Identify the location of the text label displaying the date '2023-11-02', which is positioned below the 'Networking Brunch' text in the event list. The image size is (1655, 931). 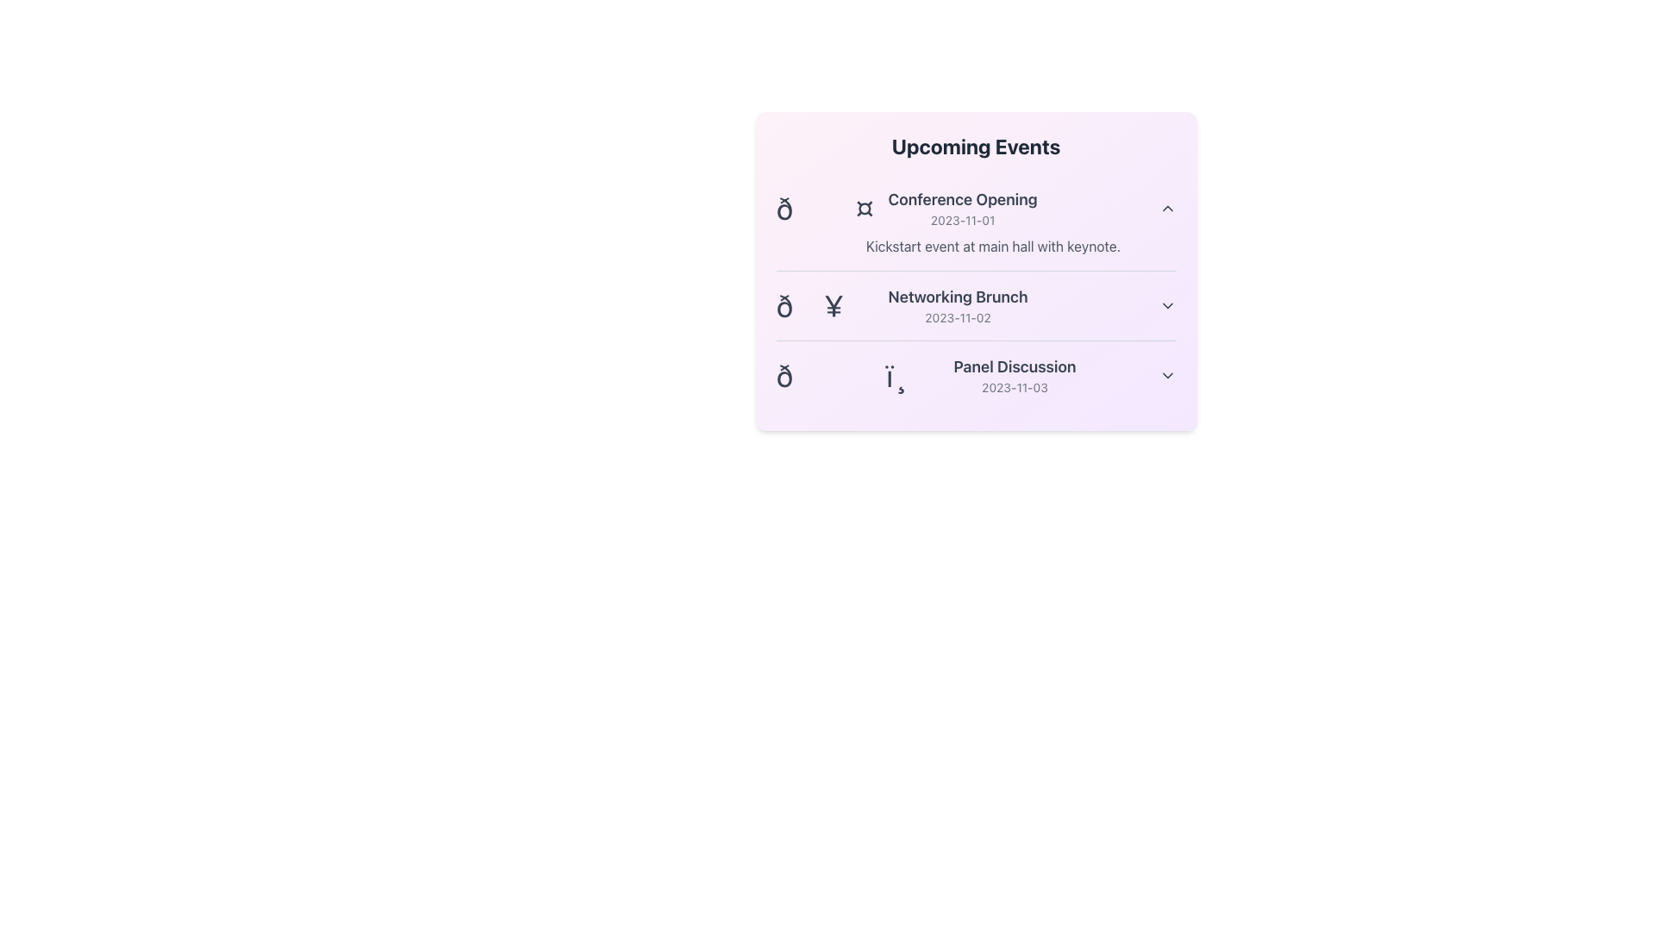
(957, 318).